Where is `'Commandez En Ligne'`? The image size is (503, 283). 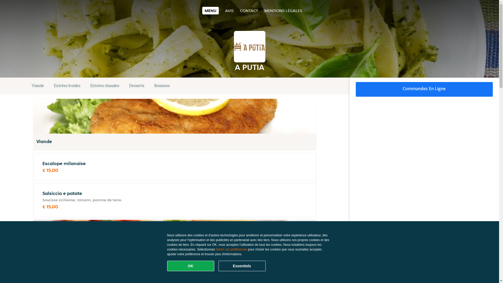
'Commandez En Ligne' is located at coordinates (424, 89).